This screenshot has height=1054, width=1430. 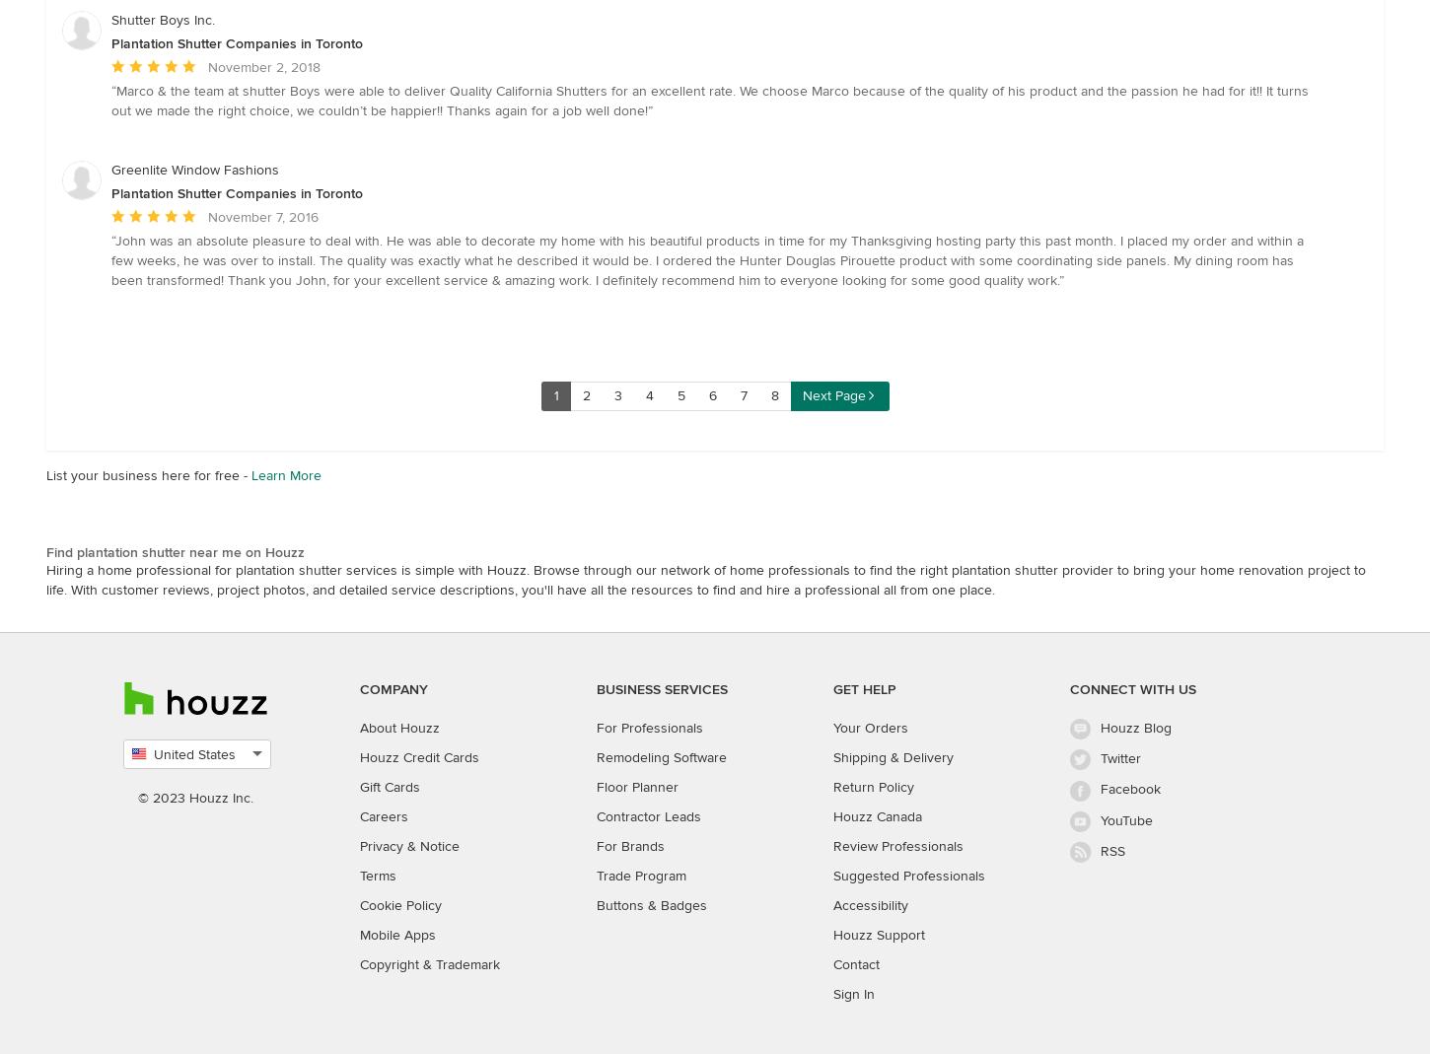 What do you see at coordinates (863, 688) in the screenshot?
I see `'GET HELP'` at bounding box center [863, 688].